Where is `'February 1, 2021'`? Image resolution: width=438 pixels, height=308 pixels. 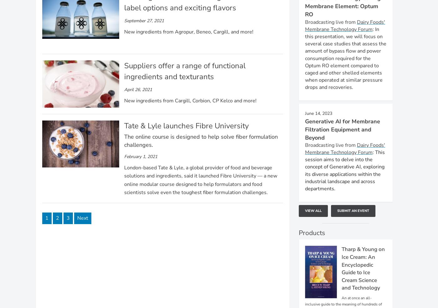 'February 1, 2021' is located at coordinates (140, 156).